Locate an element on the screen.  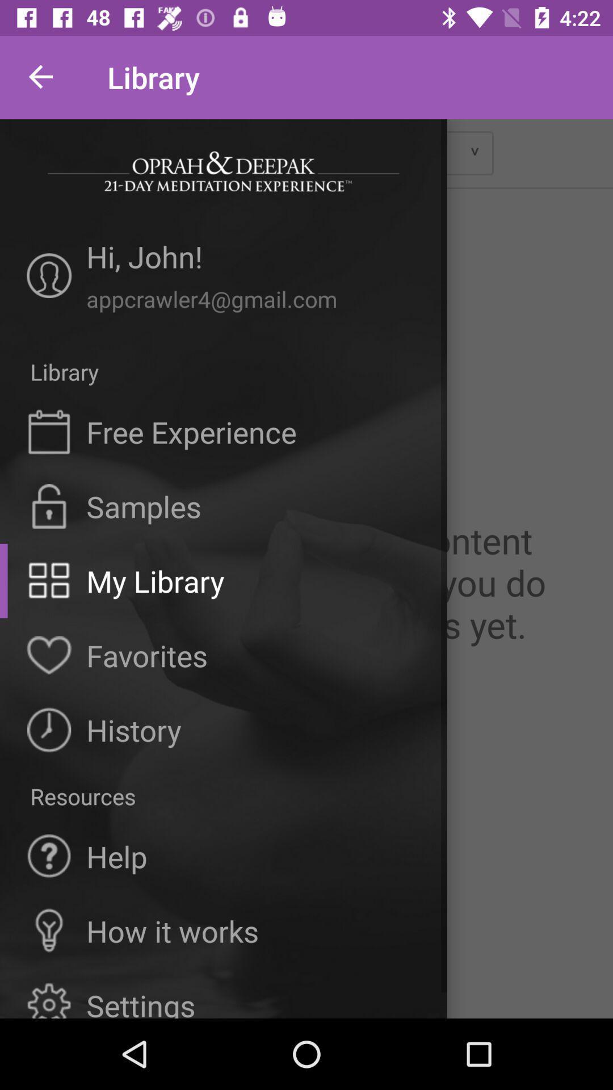
samples is located at coordinates (143, 506).